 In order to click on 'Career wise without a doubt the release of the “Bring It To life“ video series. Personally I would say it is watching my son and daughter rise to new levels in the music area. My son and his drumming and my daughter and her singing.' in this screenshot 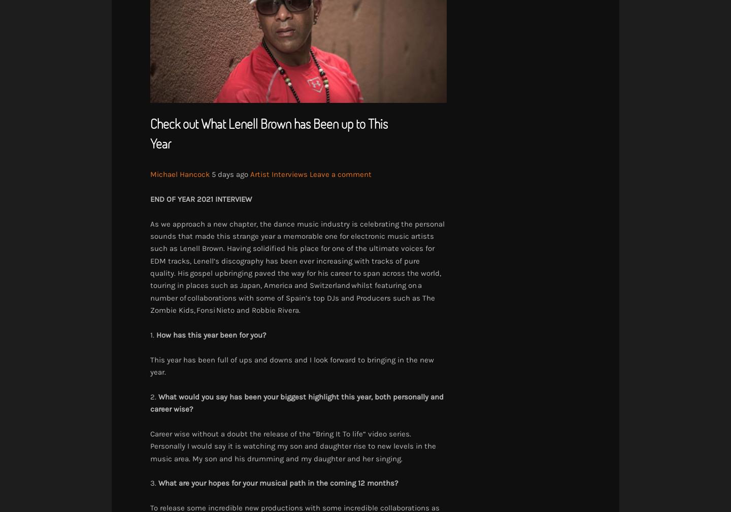, I will do `click(293, 446)`.